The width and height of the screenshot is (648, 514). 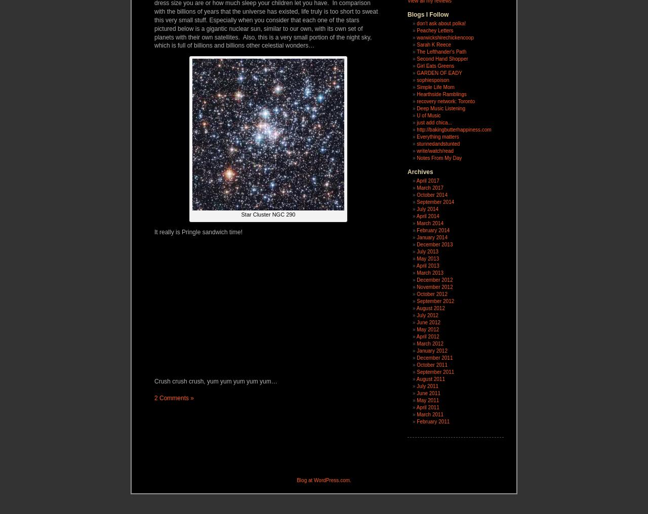 I want to click on 'August 2011', so click(x=430, y=379).